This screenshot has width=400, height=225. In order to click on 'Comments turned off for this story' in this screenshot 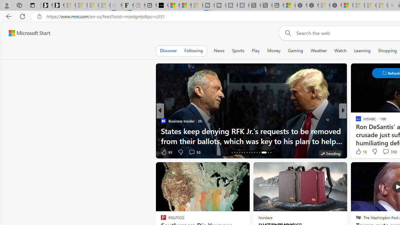, I will do `click(382, 152)`.